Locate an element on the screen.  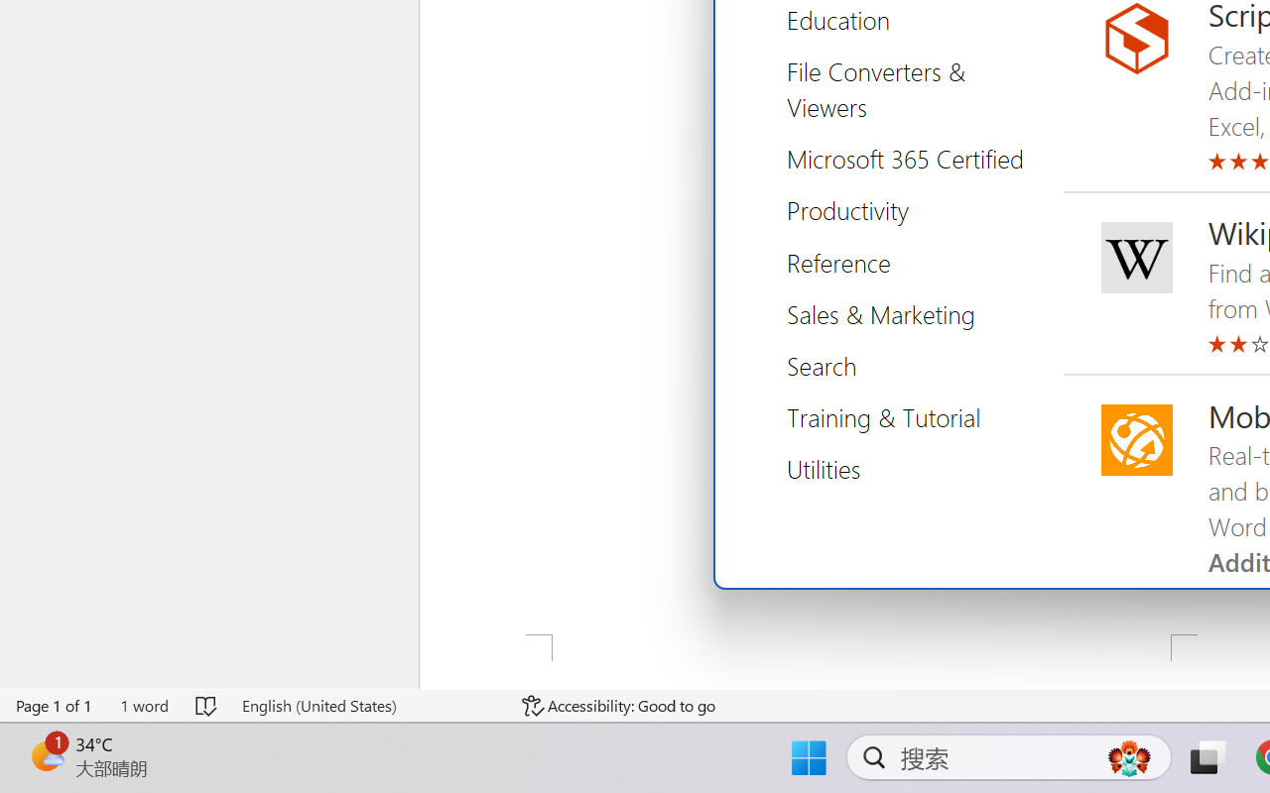
'Language English (United States)' is located at coordinates (368, 705).